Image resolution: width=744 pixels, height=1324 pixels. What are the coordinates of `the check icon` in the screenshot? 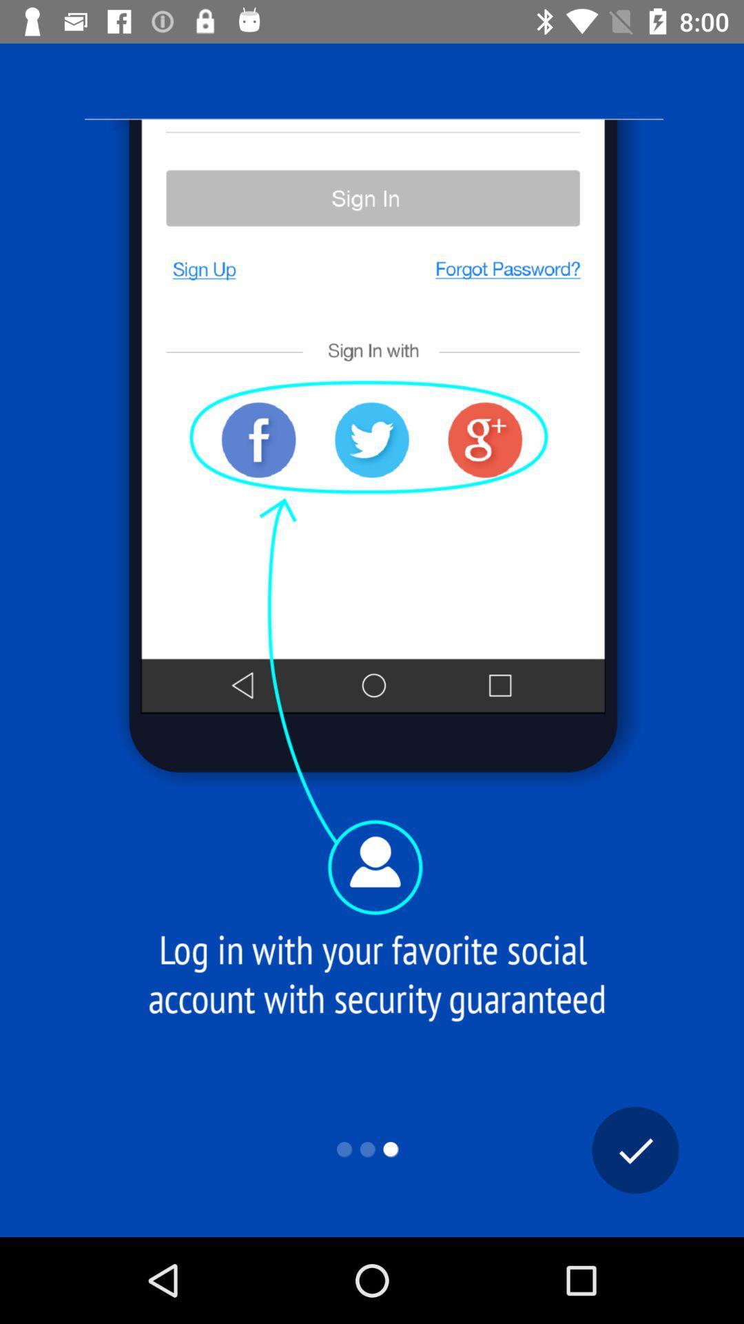 It's located at (635, 1150).